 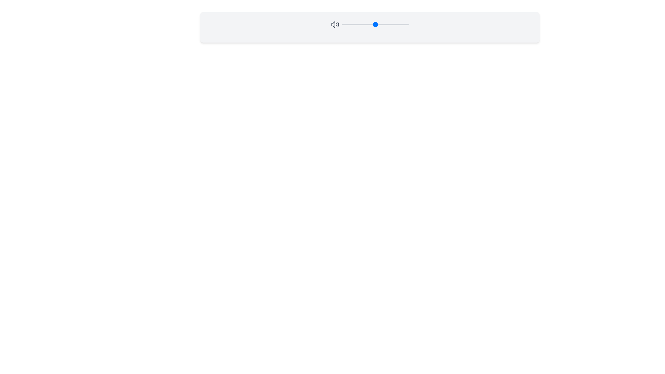 What do you see at coordinates (366, 24) in the screenshot?
I see `volume level` at bounding box center [366, 24].